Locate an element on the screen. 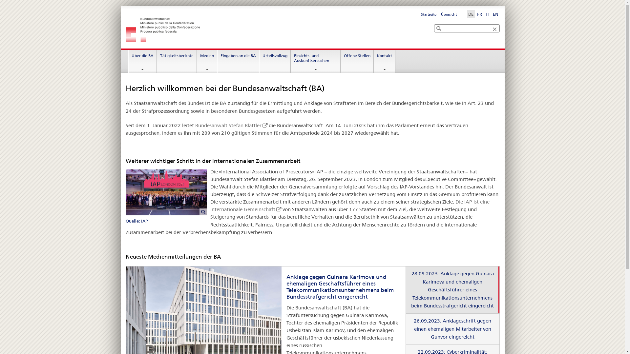 The width and height of the screenshot is (630, 354). 'IT' is located at coordinates (484, 14).